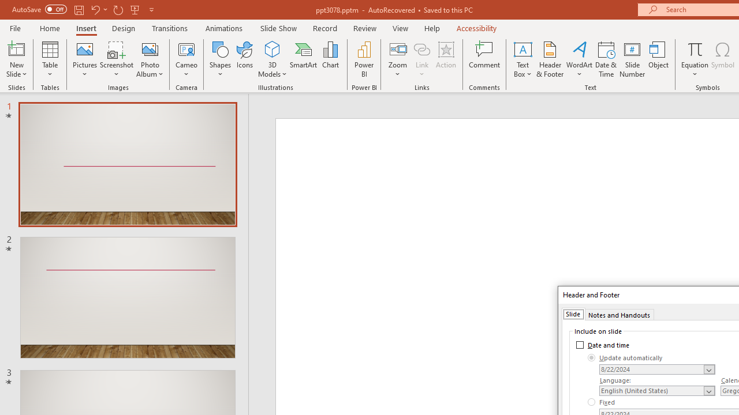  Describe the element at coordinates (149, 48) in the screenshot. I see `'New Photo Album...'` at that location.